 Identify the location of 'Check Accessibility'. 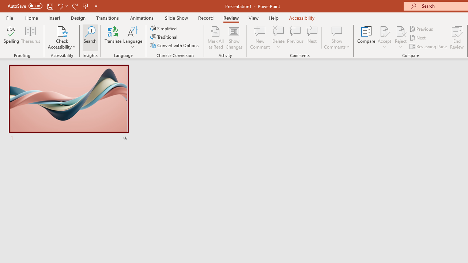
(62, 31).